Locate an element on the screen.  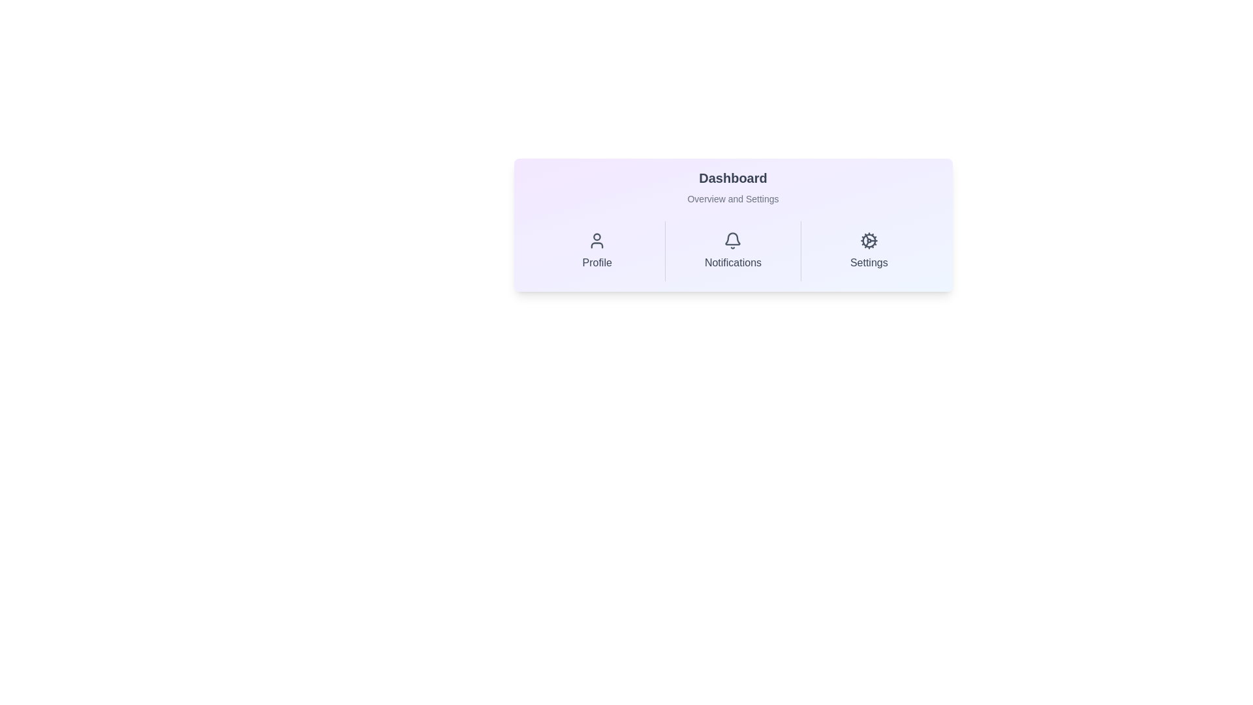
the gear icon, styled in dark gray, located in the 'Settings' section below the 'Dashboard' title is located at coordinates (869, 241).